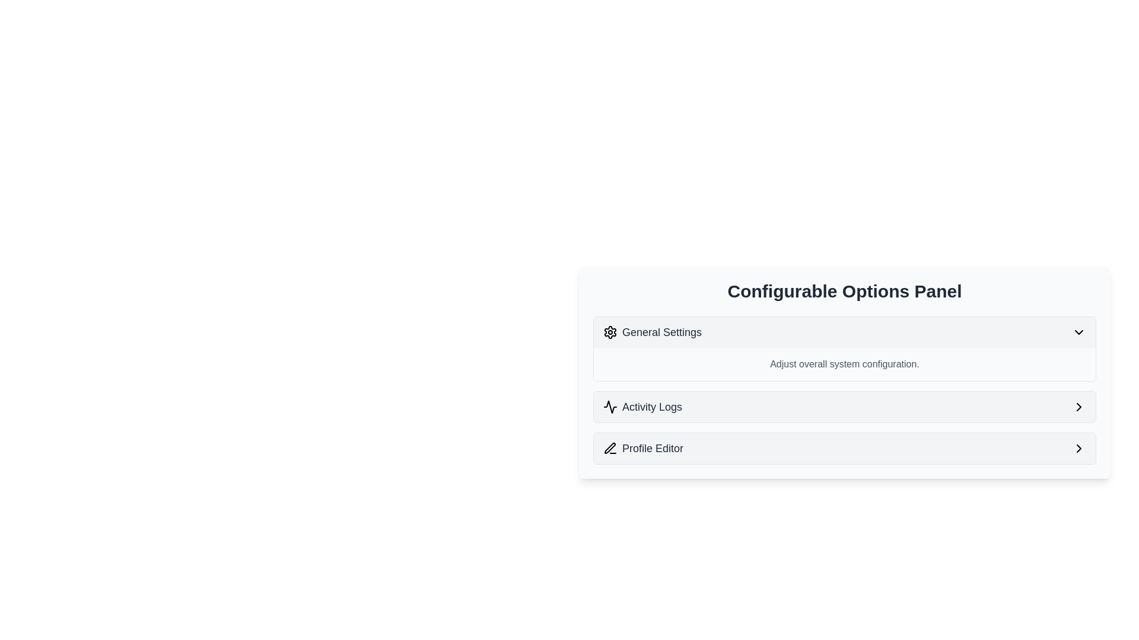 Image resolution: width=1139 pixels, height=640 pixels. I want to click on the pen-shaped icon that is part of the 'Profile Editor' entry within the settings panel, so click(610, 448).